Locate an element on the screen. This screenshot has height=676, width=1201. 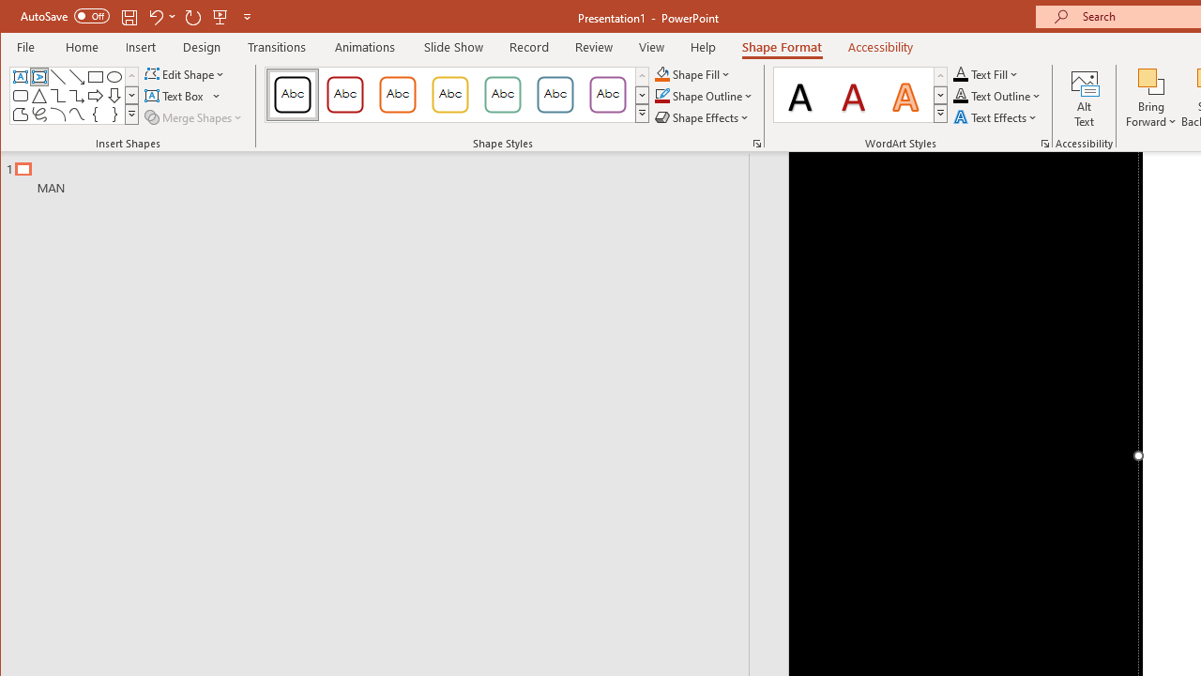
'Colored Outline - Blue-Gray, Accent 5' is located at coordinates (555, 94).